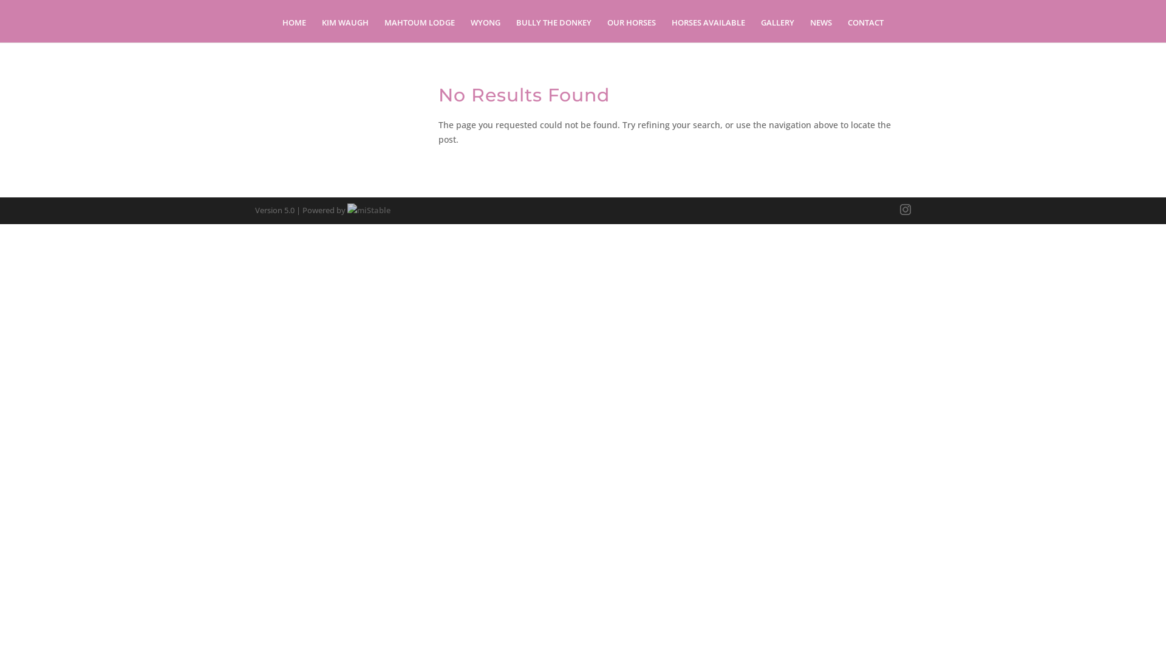 The width and height of the screenshot is (1166, 656). I want to click on 'Horse Management Software', so click(346, 210).